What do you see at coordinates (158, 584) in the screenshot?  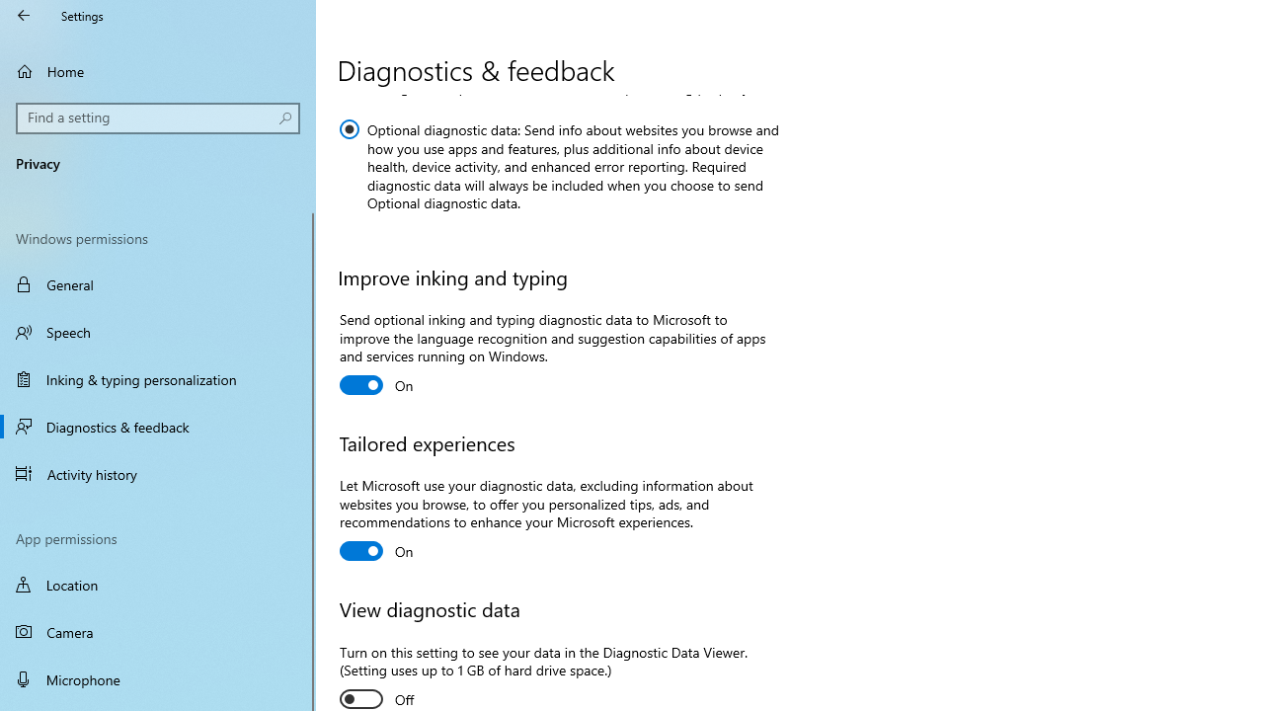 I see `'Location'` at bounding box center [158, 584].